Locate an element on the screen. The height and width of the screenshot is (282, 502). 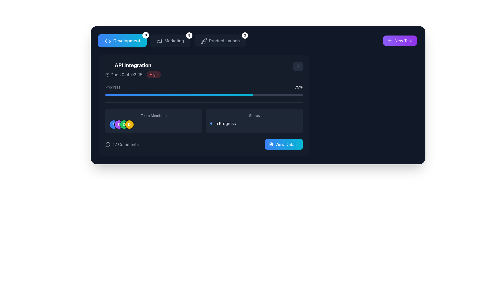
the 'Development' text label, which is displayed in white on a gradient blue-to-cyan background, located in the top-left corner of the interface is located at coordinates (127, 40).